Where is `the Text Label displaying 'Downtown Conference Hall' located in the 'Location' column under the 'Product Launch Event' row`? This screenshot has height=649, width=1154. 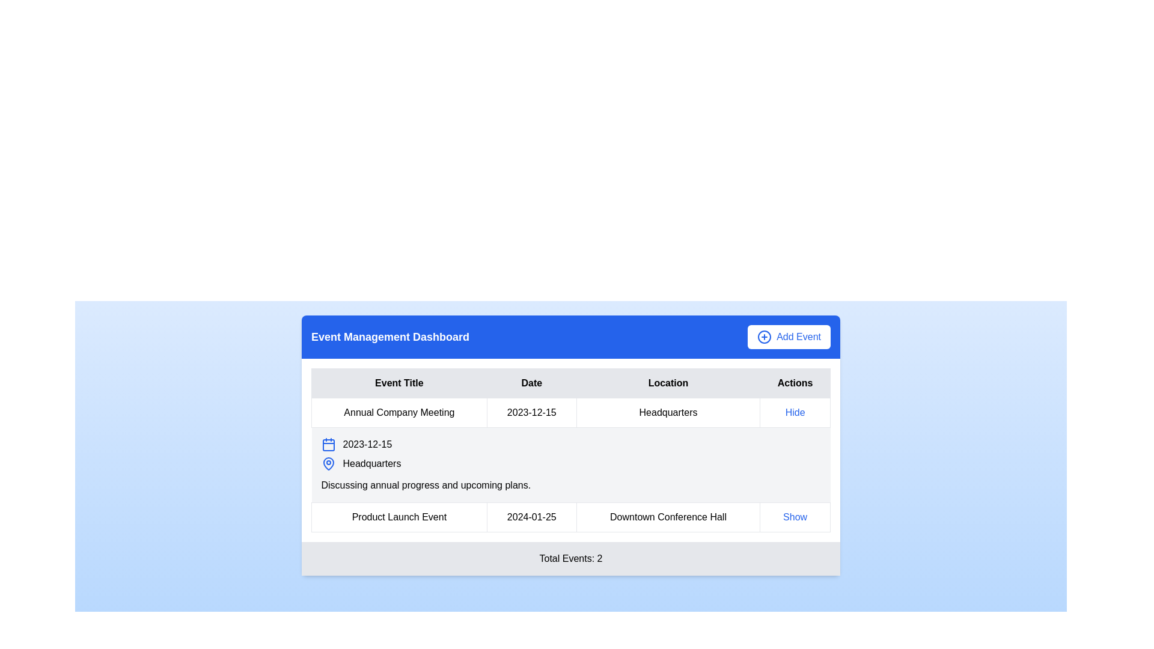
the Text Label displaying 'Downtown Conference Hall' located in the 'Location' column under the 'Product Launch Event' row is located at coordinates (668, 516).